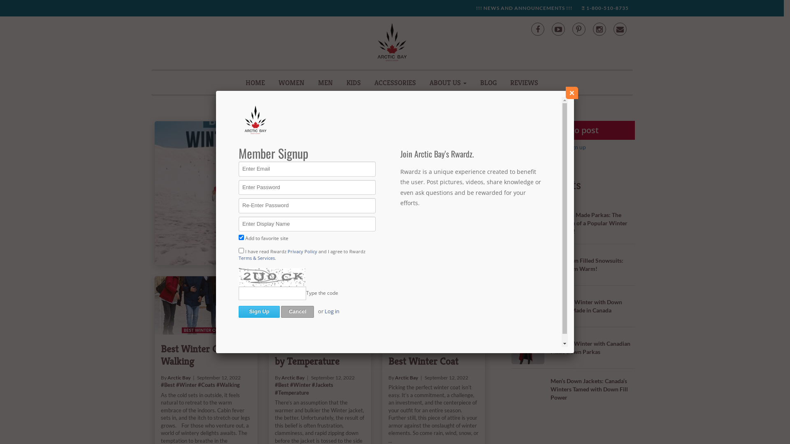  What do you see at coordinates (216, 385) in the screenshot?
I see `'#Walking'` at bounding box center [216, 385].